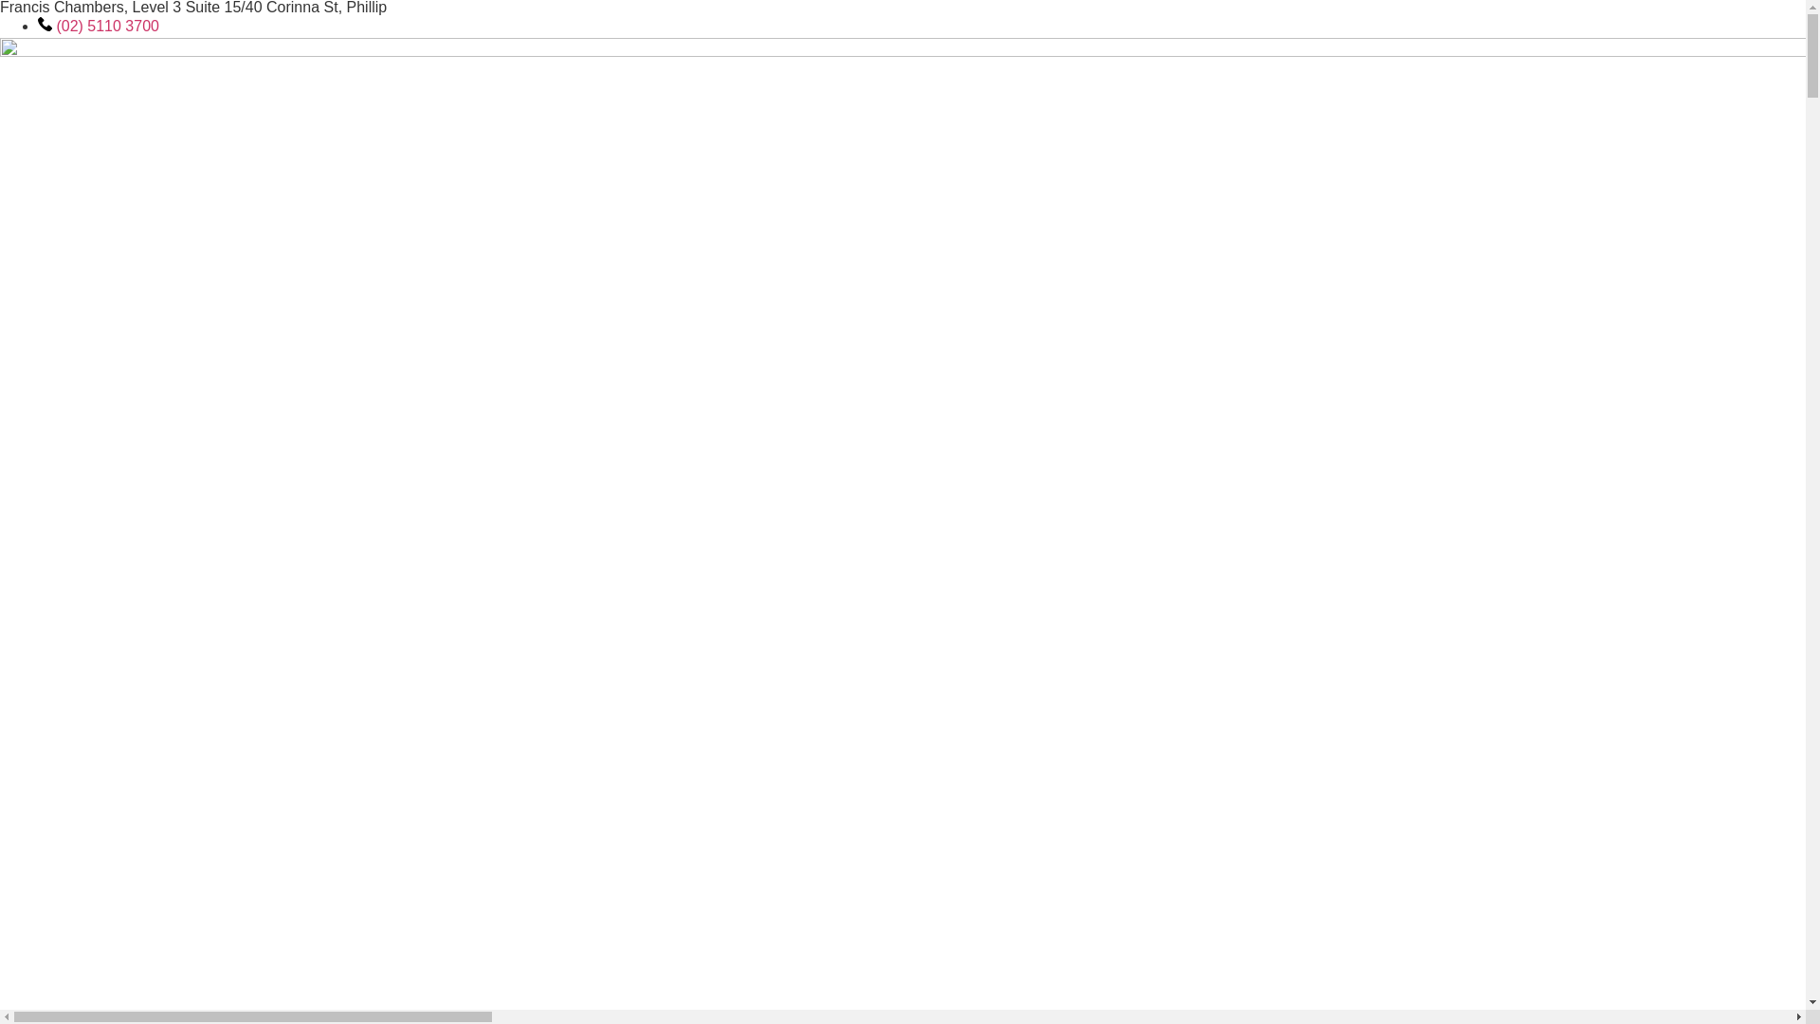 The width and height of the screenshot is (1820, 1024). I want to click on '(02) 5110 3700', so click(98, 26).